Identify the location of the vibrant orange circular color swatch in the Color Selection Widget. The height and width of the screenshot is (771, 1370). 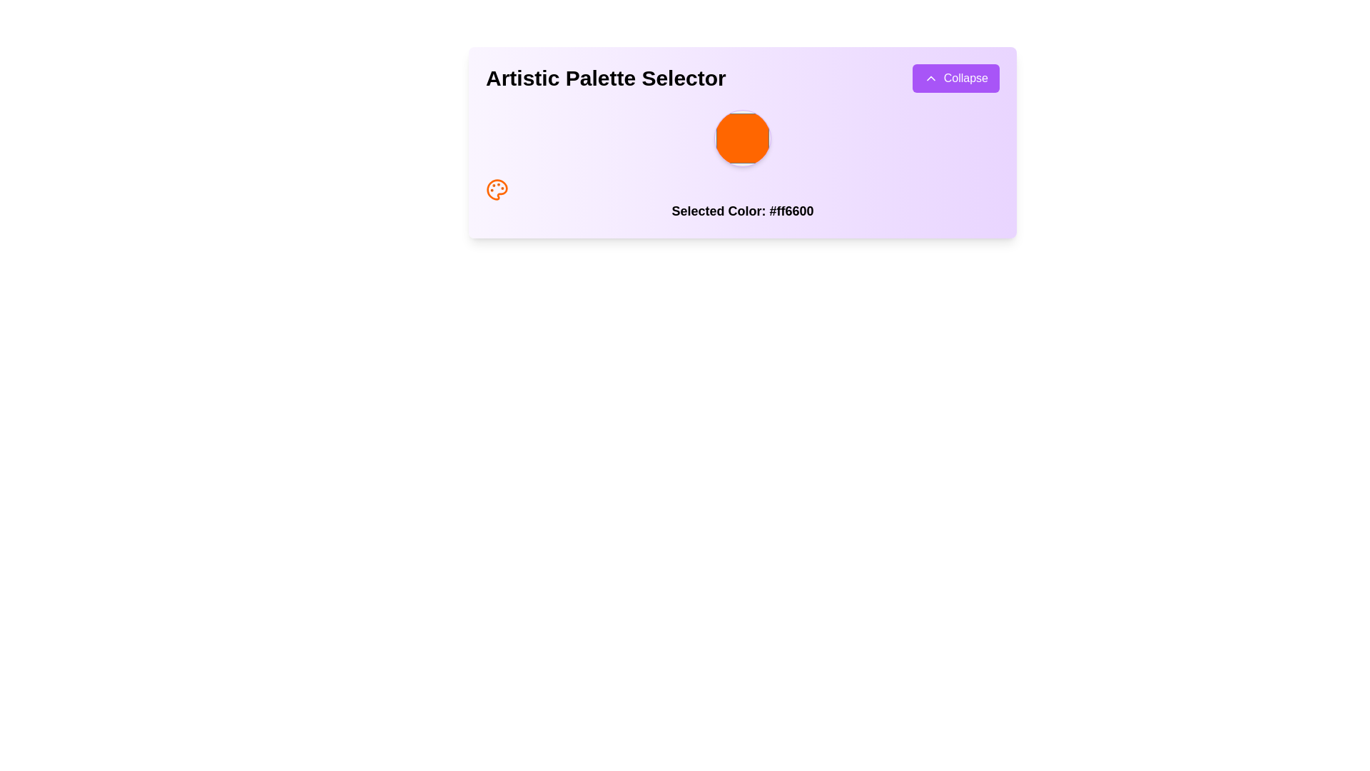
(742, 138).